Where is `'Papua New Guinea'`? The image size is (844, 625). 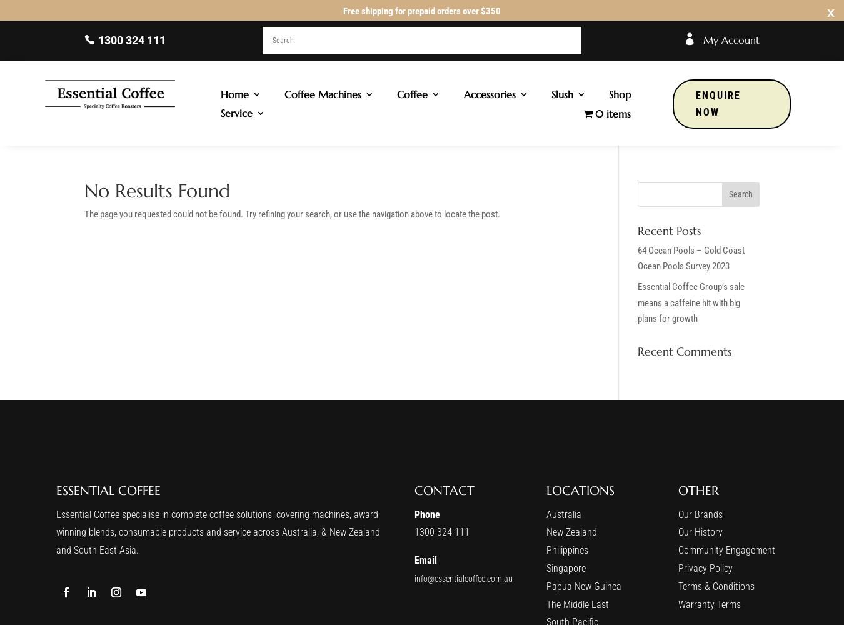
'Papua New Guinea' is located at coordinates (582, 586).